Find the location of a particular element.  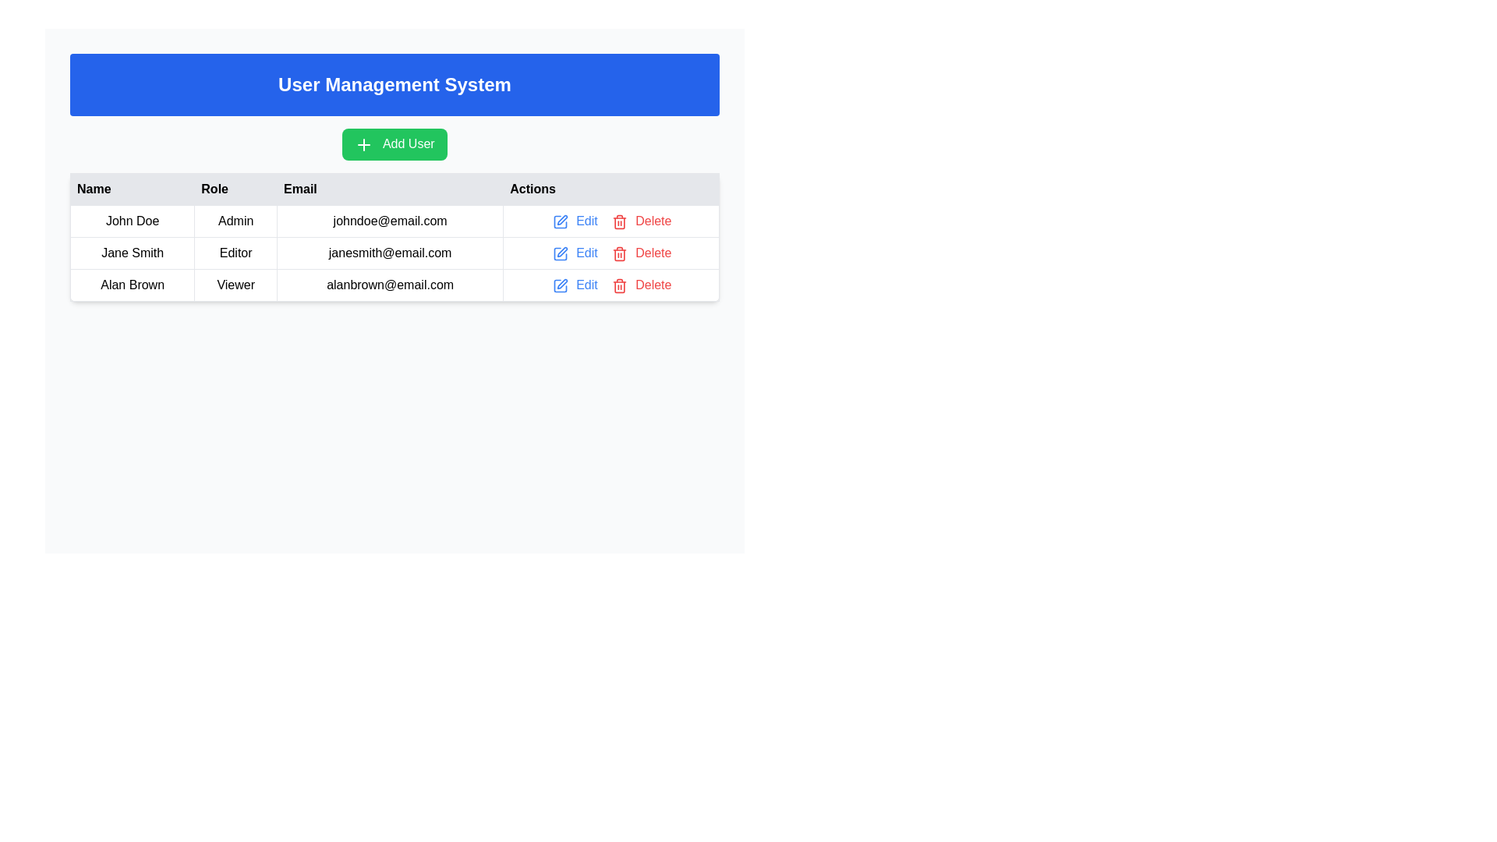

the non-interactive text label displaying the name 'John Doe' located in the first row and first column of the tabular layout under the 'Name' column heading is located at coordinates (133, 221).